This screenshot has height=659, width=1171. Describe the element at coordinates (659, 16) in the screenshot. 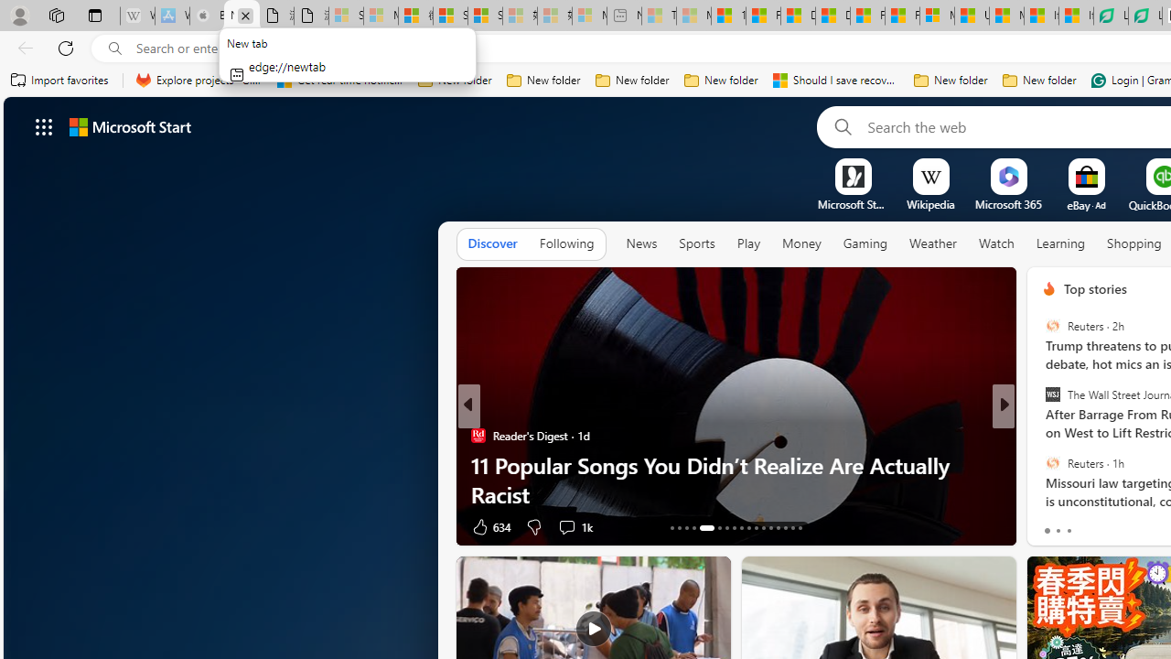

I see `'Top Stories - MSN - Sleeping'` at that location.